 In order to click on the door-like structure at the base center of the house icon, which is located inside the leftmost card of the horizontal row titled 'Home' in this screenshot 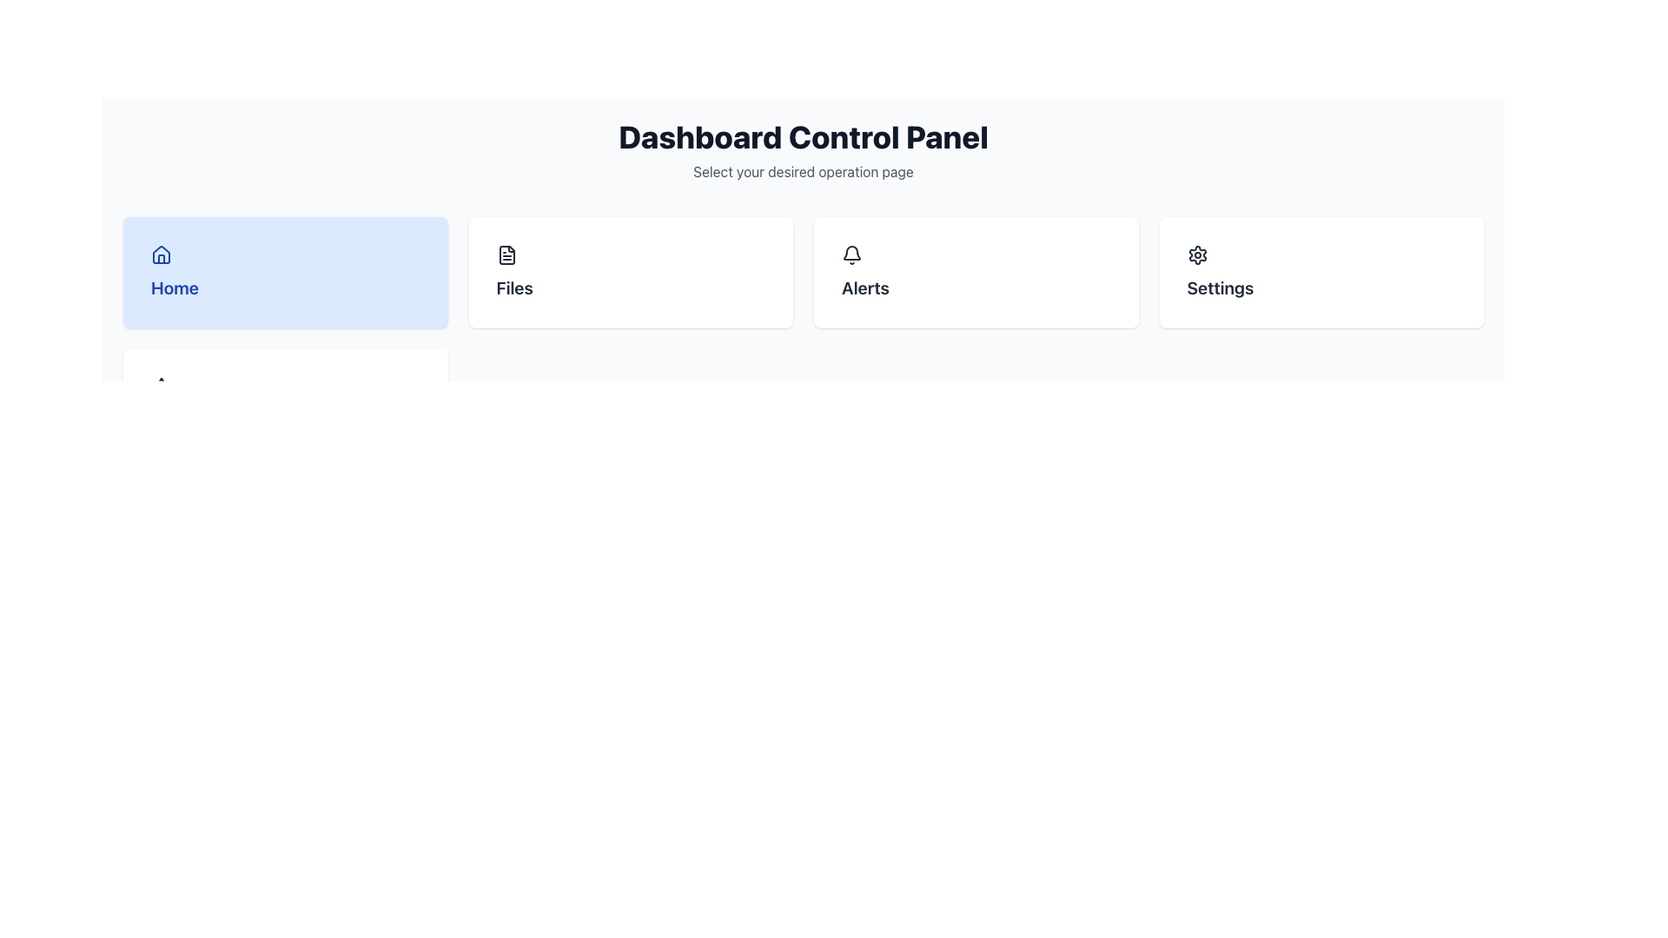, I will do `click(162, 258)`.